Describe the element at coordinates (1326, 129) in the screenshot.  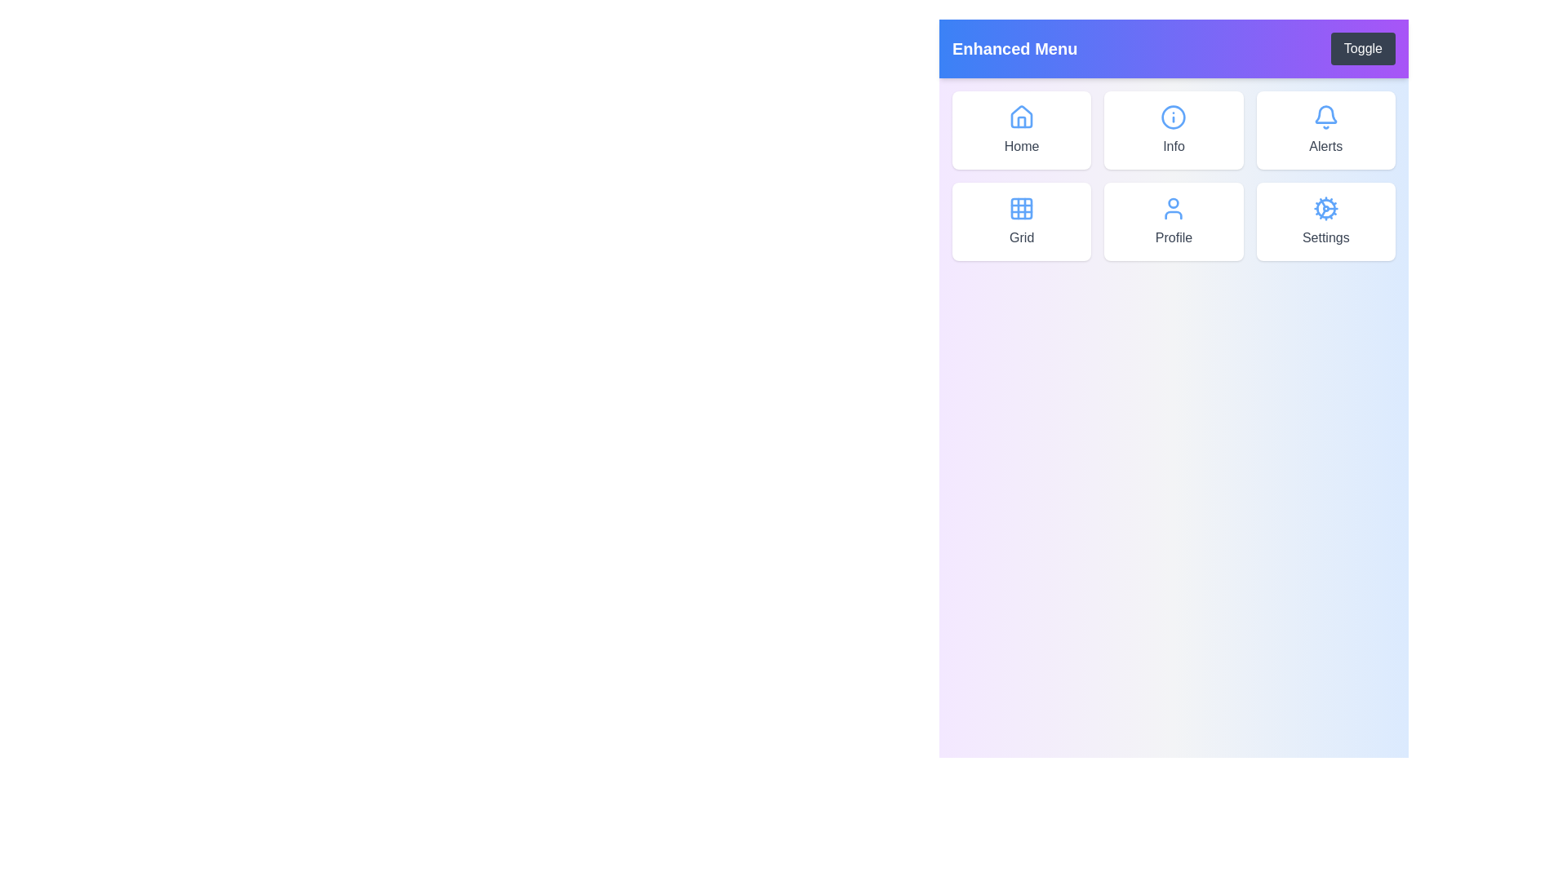
I see `the menu item labeled Alerts` at that location.